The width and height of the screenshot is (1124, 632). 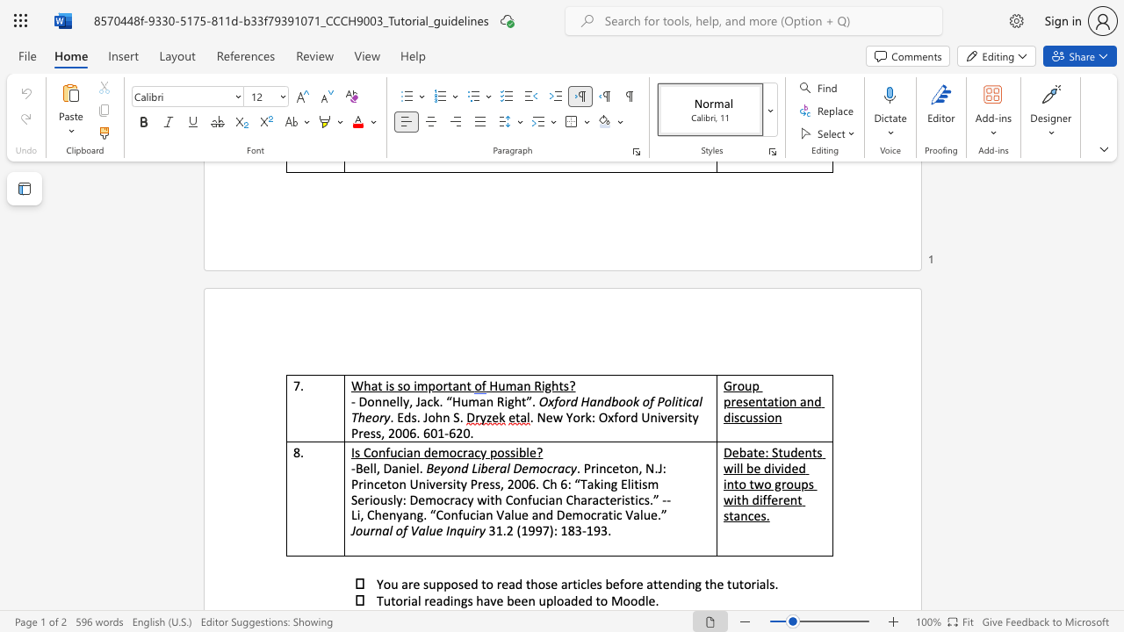 What do you see at coordinates (752, 499) in the screenshot?
I see `the subset text "differe" within the text "Debate: Students will be divided into two groups with different stances."` at bounding box center [752, 499].